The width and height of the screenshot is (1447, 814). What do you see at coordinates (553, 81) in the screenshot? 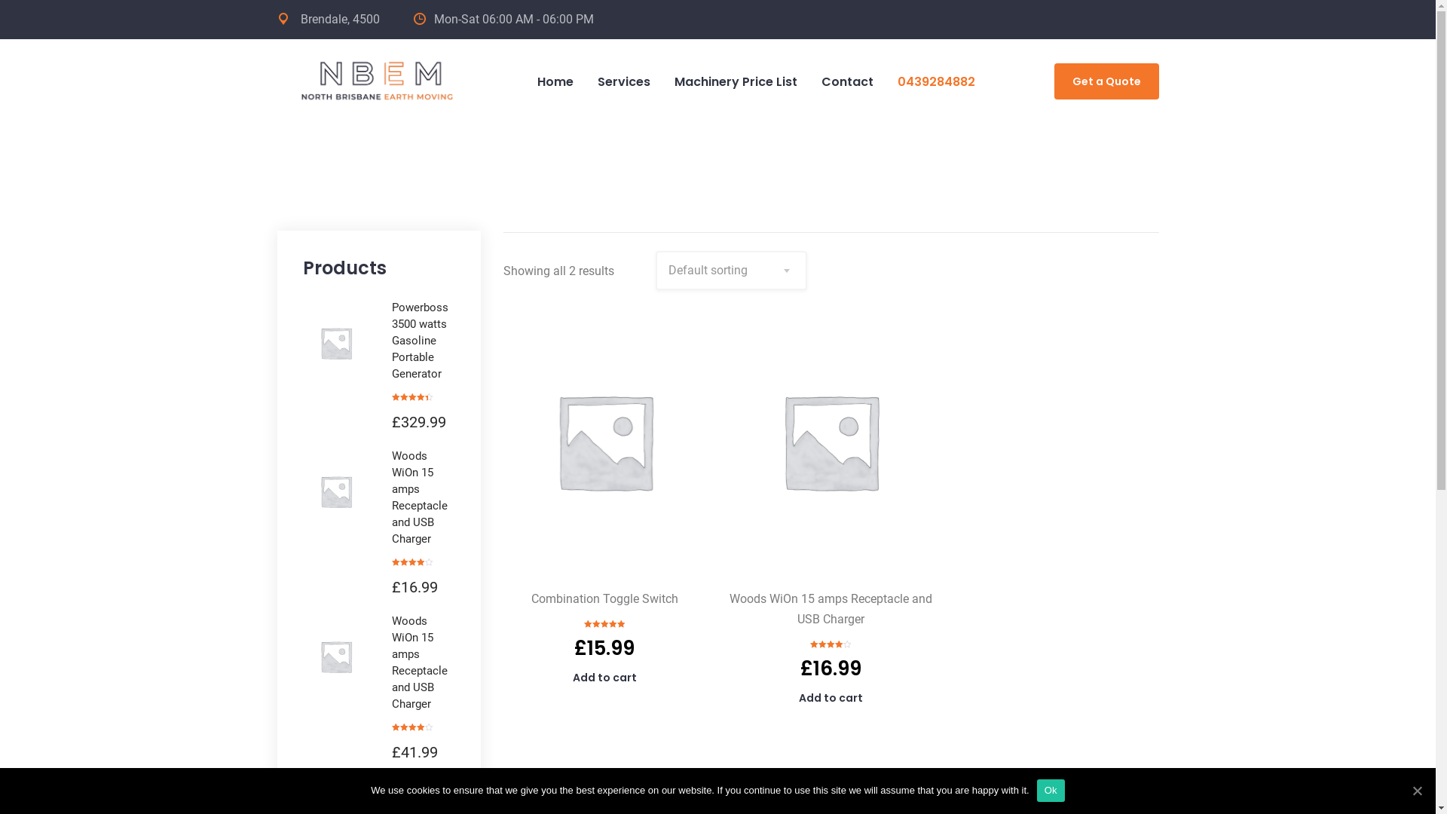
I see `'Home'` at bounding box center [553, 81].